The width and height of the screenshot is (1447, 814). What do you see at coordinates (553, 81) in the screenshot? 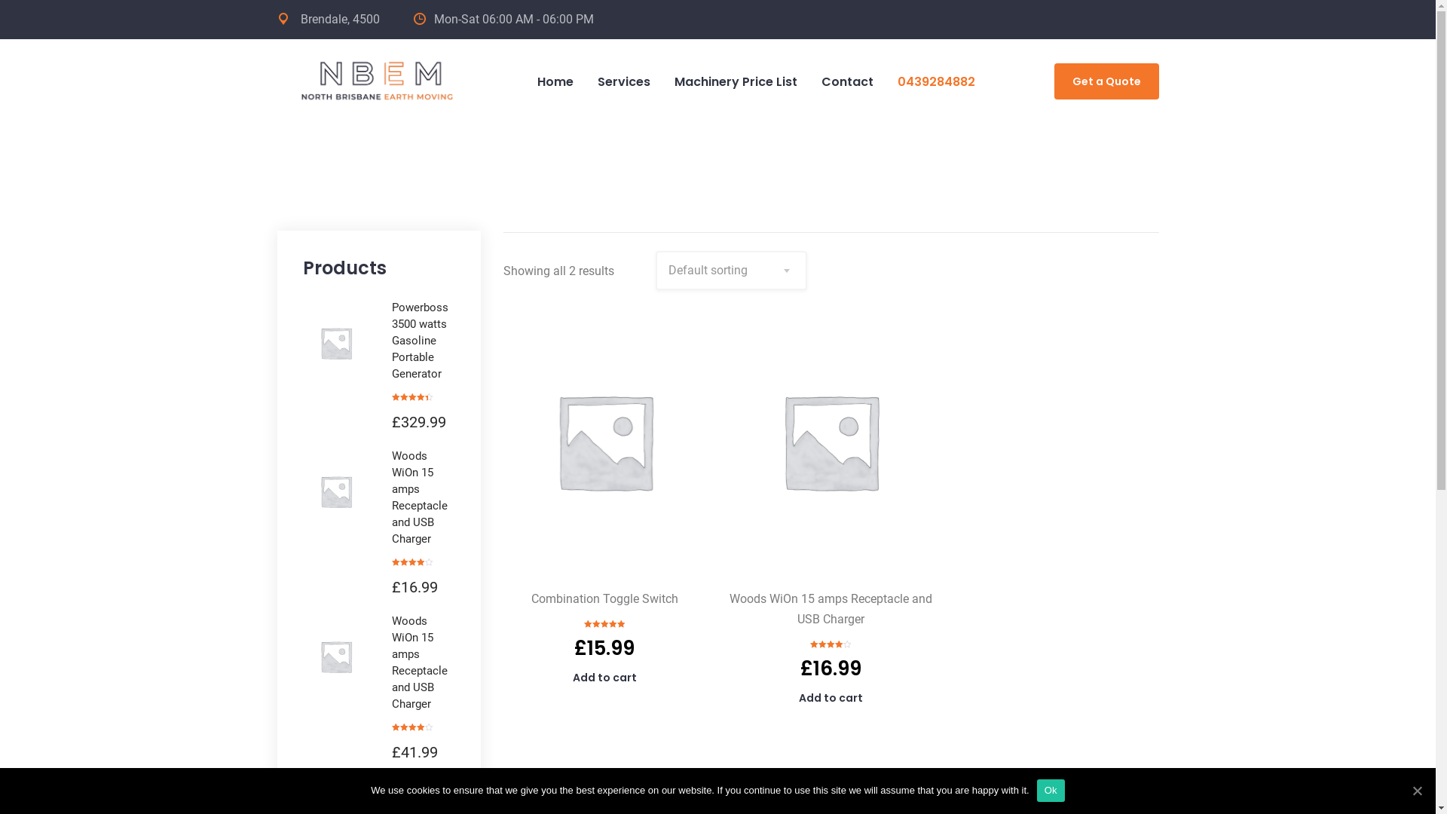
I see `'Home'` at bounding box center [553, 81].